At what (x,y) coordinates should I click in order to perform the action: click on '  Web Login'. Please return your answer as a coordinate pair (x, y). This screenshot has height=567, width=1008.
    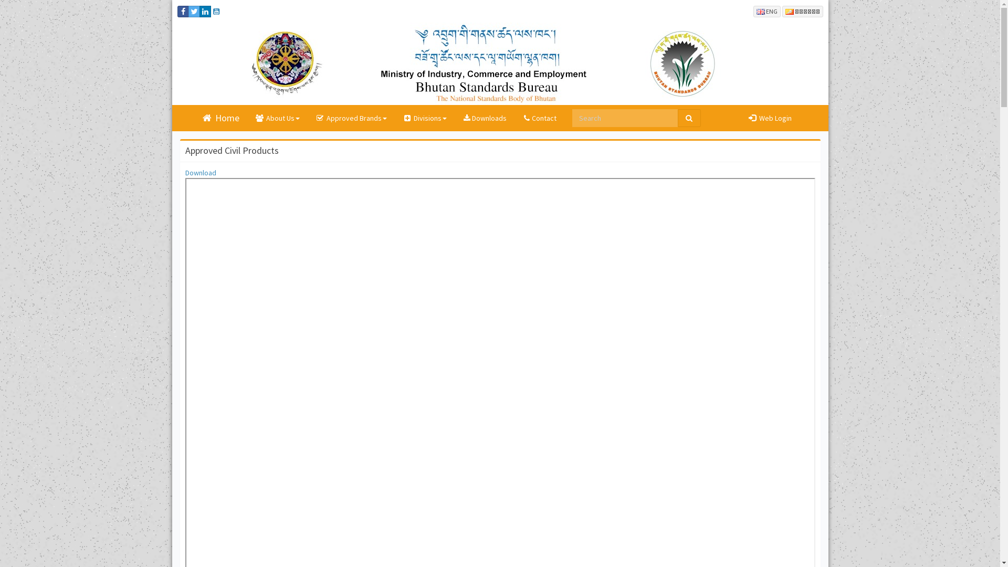
    Looking at the image, I should click on (769, 118).